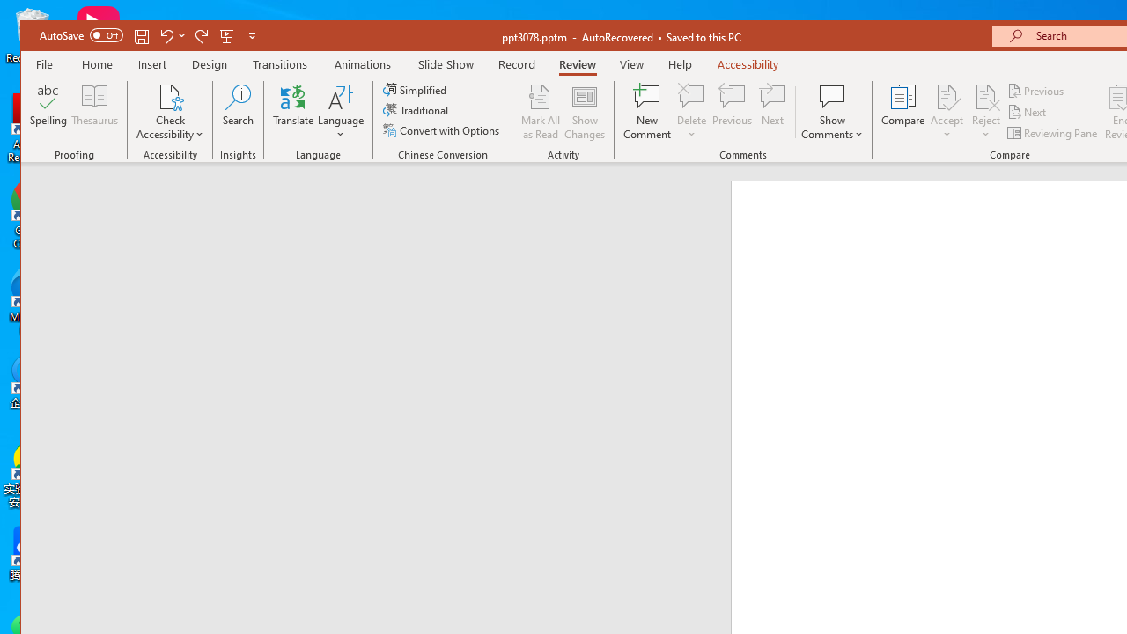  What do you see at coordinates (341, 112) in the screenshot?
I see `'Language'` at bounding box center [341, 112].